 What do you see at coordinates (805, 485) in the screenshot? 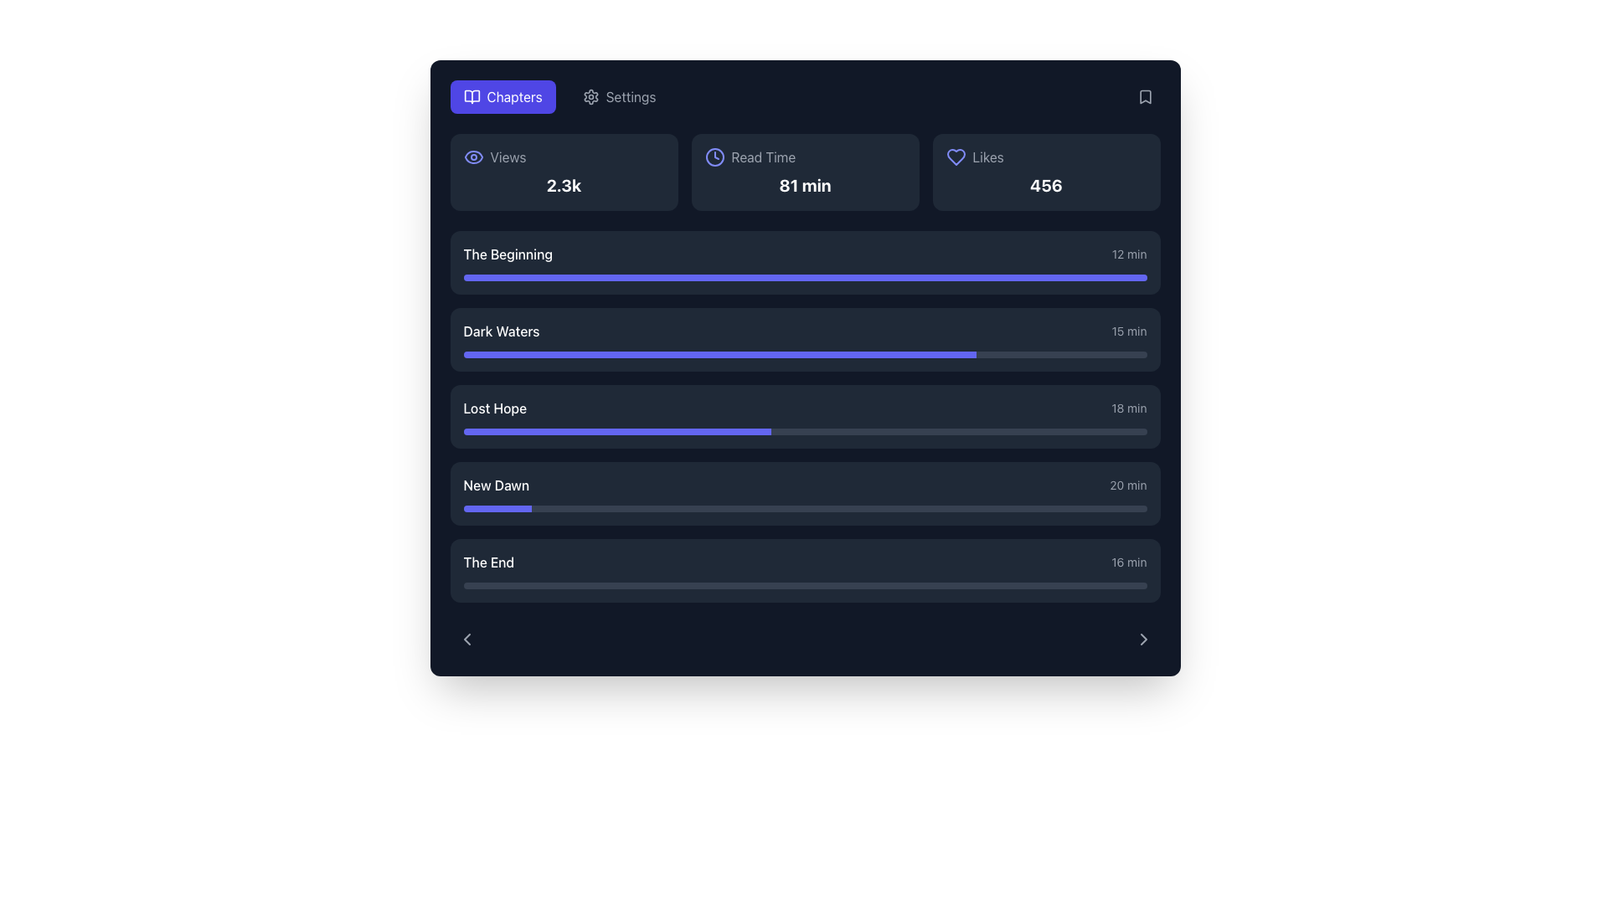
I see `the list item titled 'New Dawn'` at bounding box center [805, 485].